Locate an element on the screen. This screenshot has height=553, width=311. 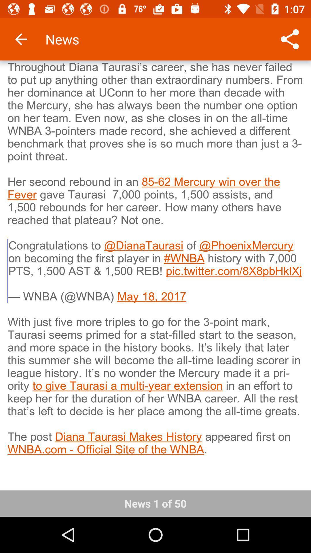
the icon next to the news item is located at coordinates (21, 39).